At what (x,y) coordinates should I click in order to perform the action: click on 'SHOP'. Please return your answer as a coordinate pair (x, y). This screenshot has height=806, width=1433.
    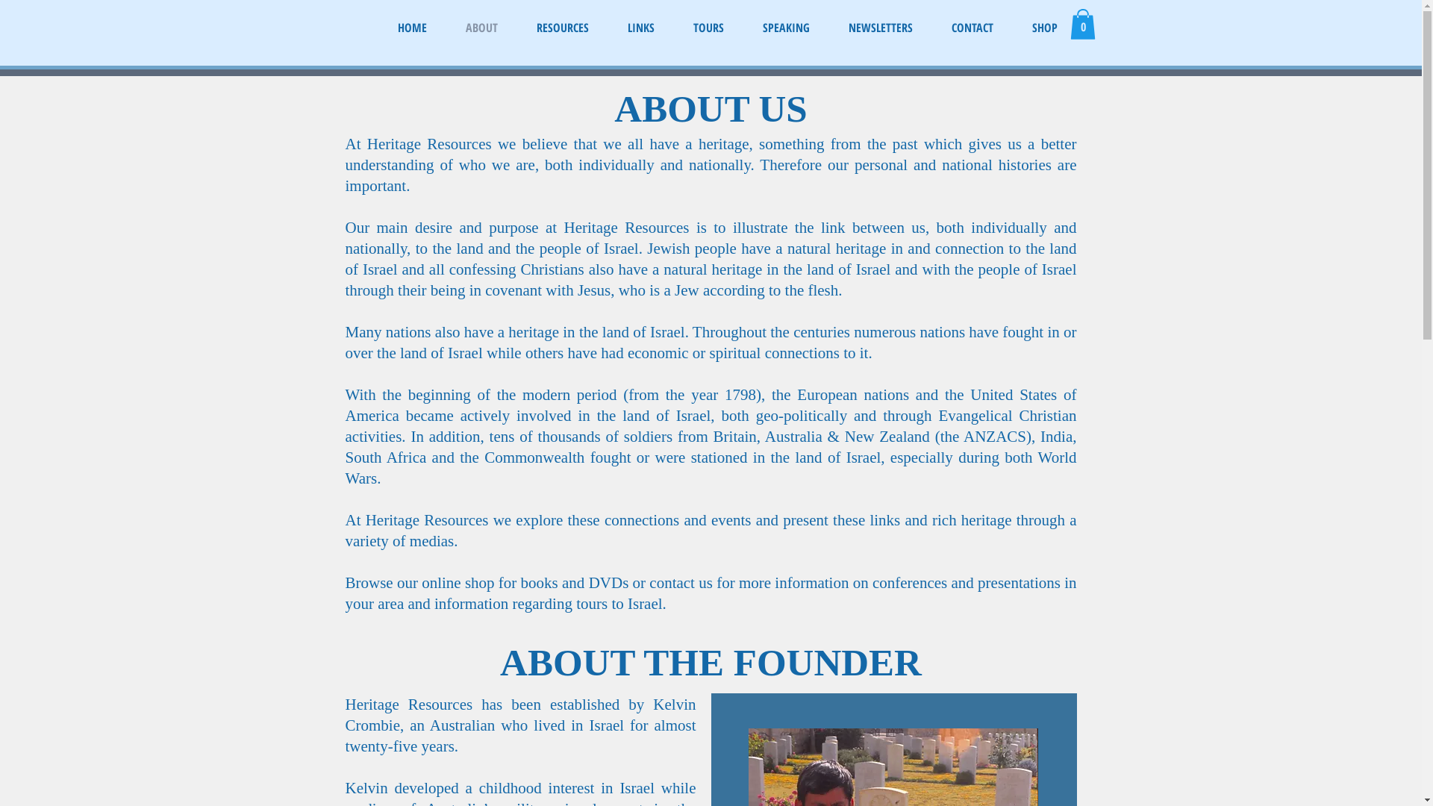
    Looking at the image, I should click on (1012, 25).